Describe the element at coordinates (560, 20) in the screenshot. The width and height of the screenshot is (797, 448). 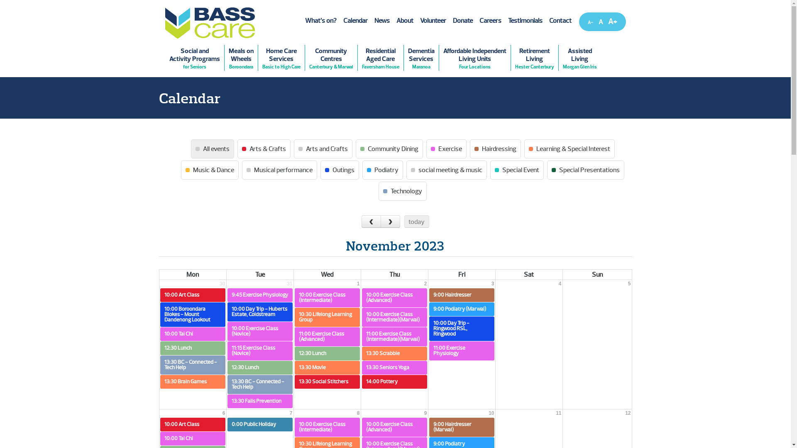
I see `'Contact'` at that location.